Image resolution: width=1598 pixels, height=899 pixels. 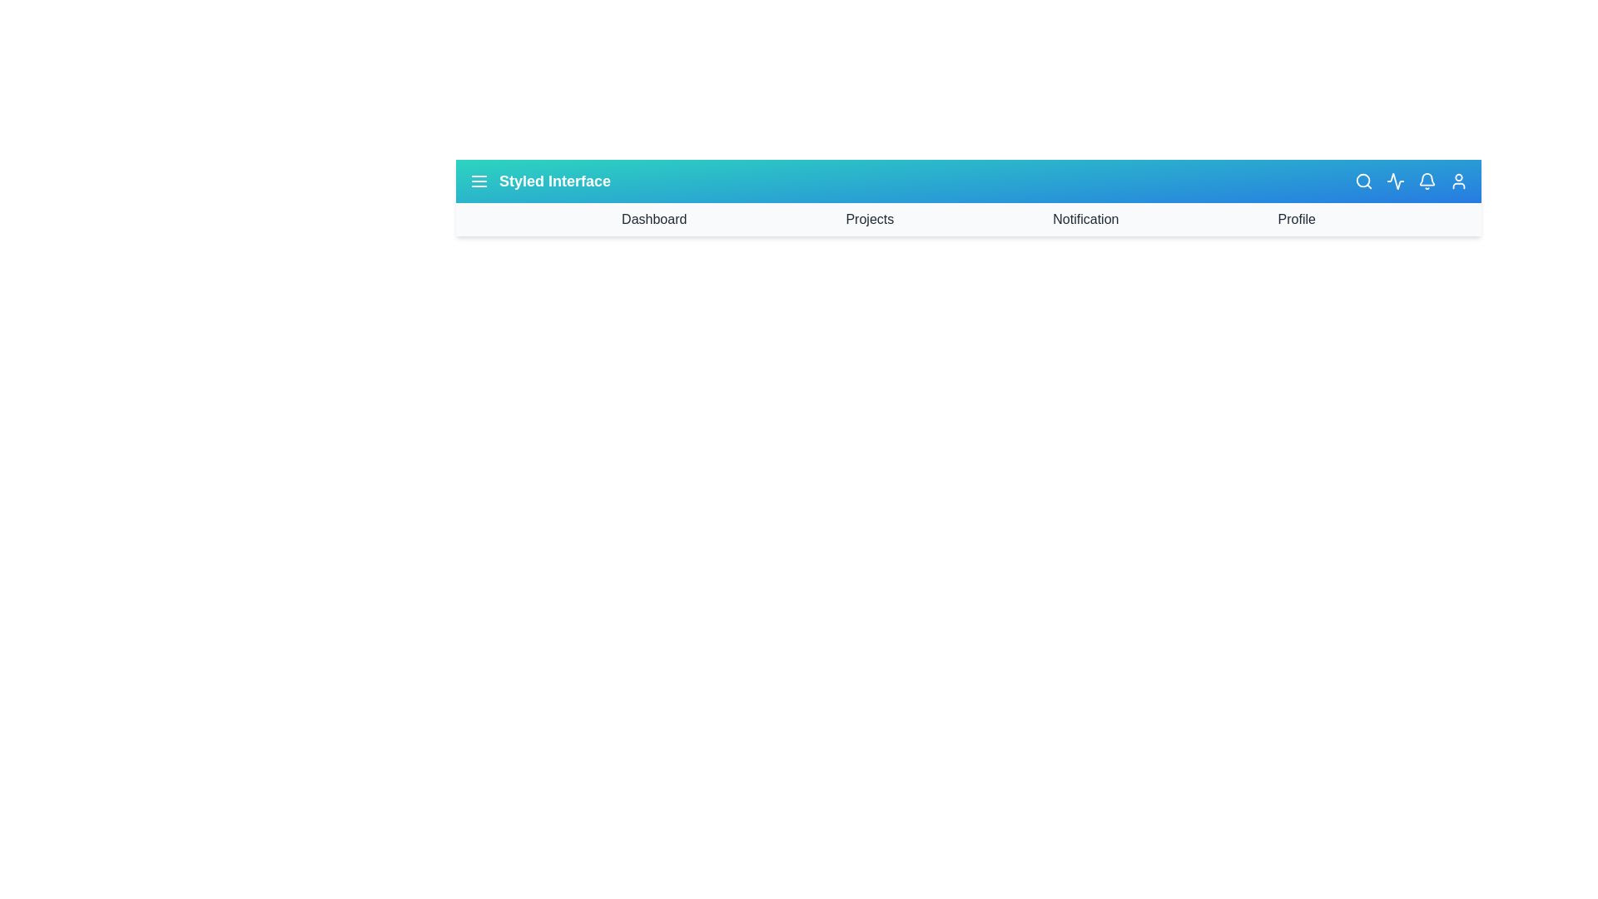 I want to click on the bell icon in the header, so click(x=1426, y=181).